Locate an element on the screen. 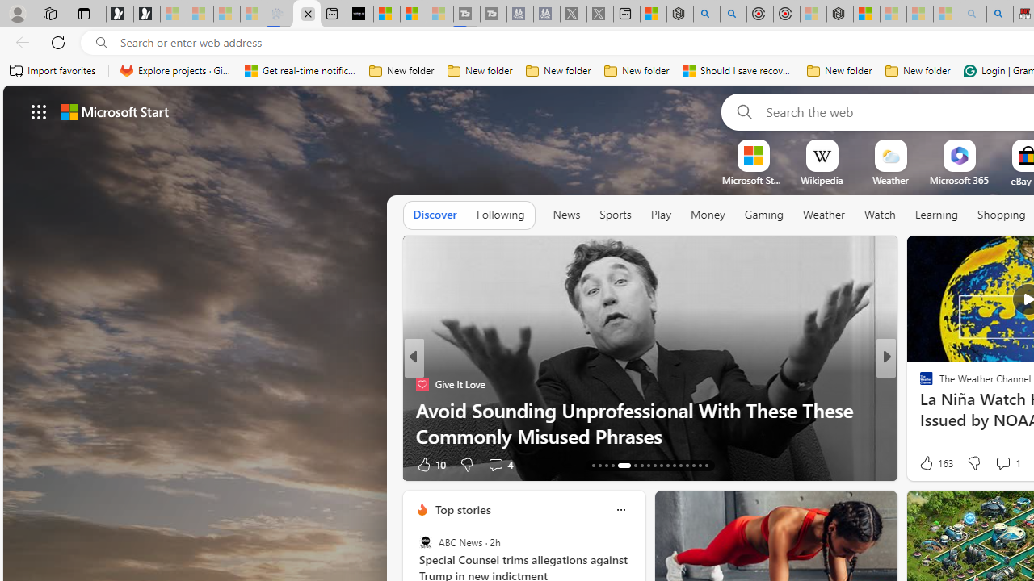  'amazon - Search - Sleeping' is located at coordinates (973, 14).